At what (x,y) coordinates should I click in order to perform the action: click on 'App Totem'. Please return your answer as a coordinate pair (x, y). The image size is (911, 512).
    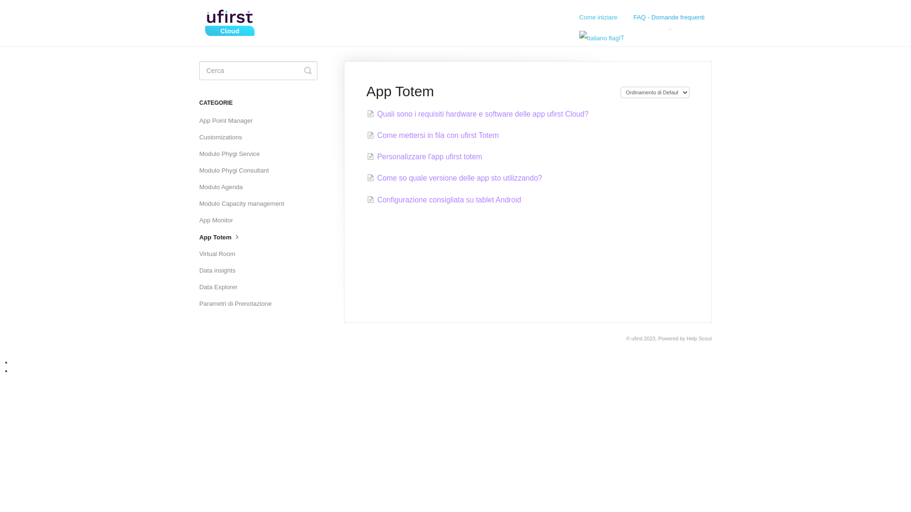
    Looking at the image, I should click on (223, 237).